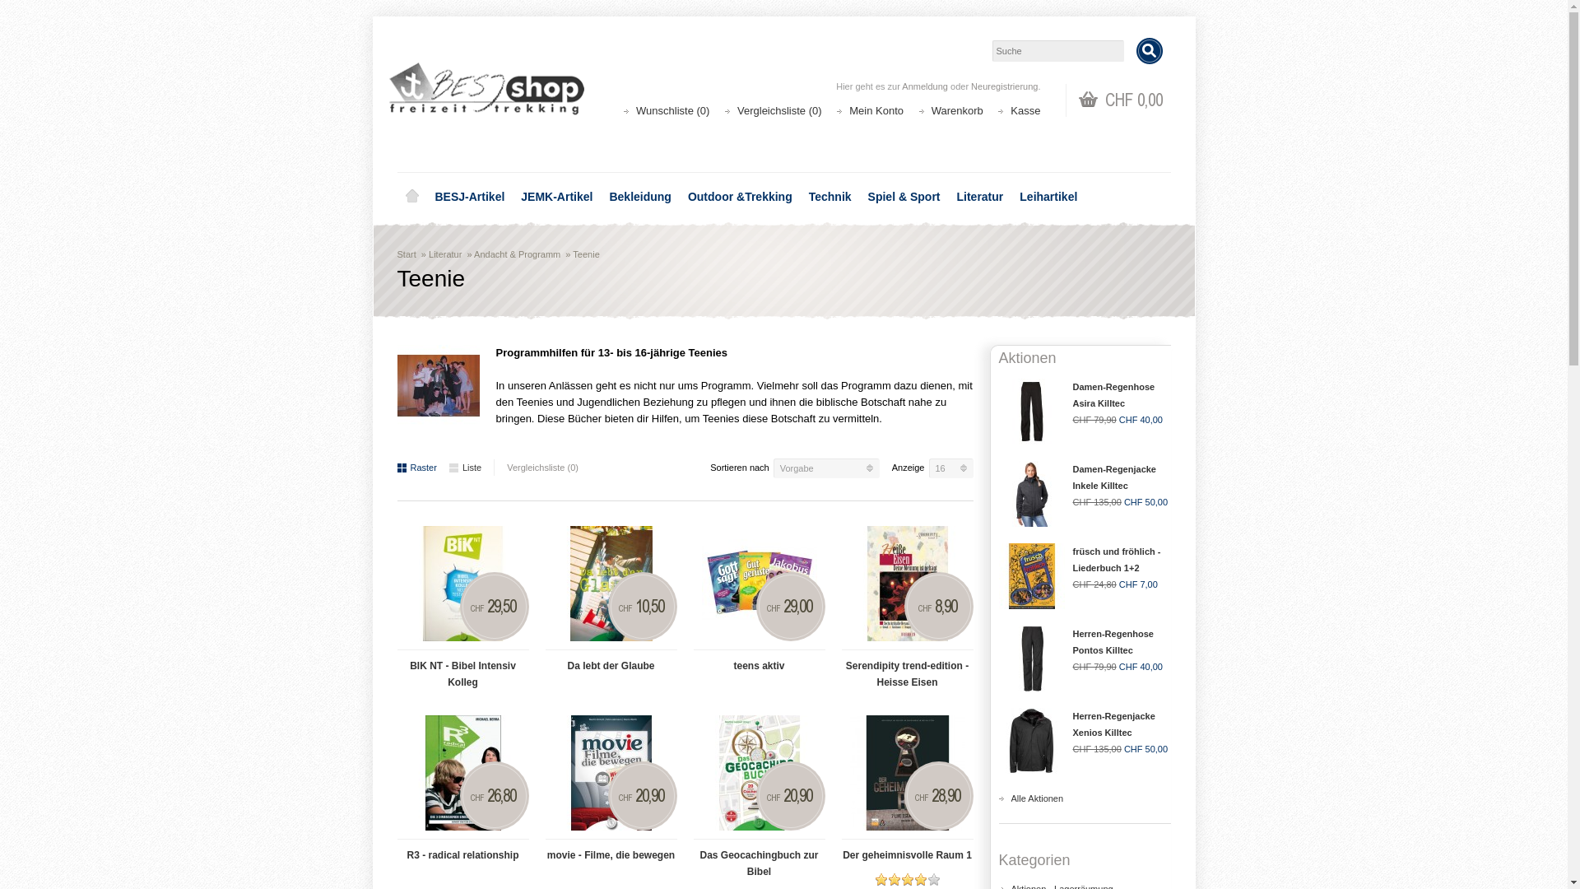 The image size is (1580, 889). What do you see at coordinates (416, 467) in the screenshot?
I see `'Raster'` at bounding box center [416, 467].